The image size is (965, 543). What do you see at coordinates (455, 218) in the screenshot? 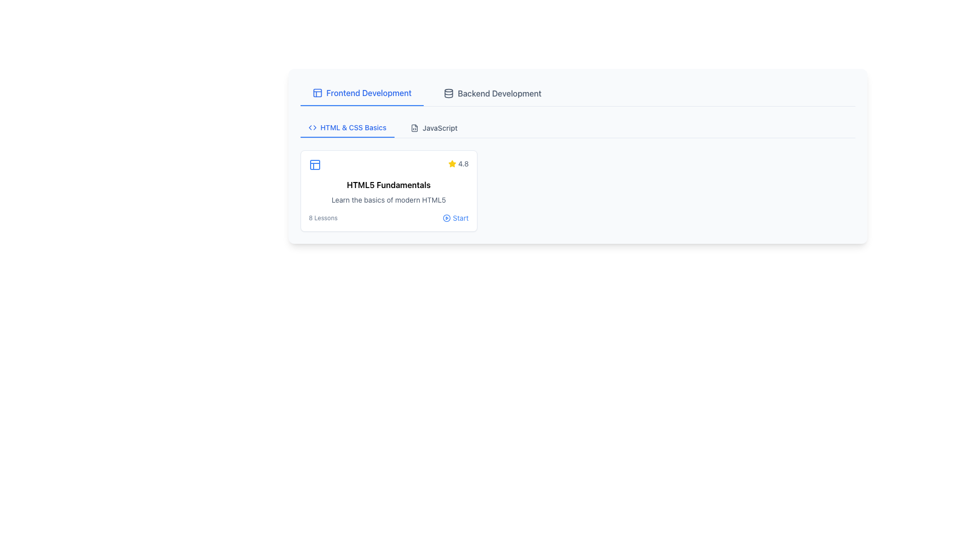
I see `the 'Start' button located to the right of the '8 Lessons' text in the 'HTML5 Fundamentals' section to initiate the corresponding activity` at bounding box center [455, 218].